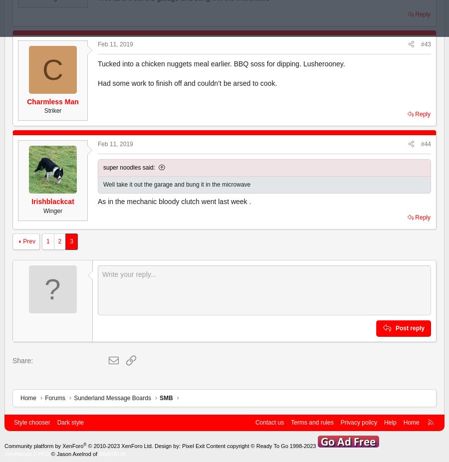 Image resolution: width=449 pixels, height=462 pixels. What do you see at coordinates (384, 423) in the screenshot?
I see `'Help'` at bounding box center [384, 423].